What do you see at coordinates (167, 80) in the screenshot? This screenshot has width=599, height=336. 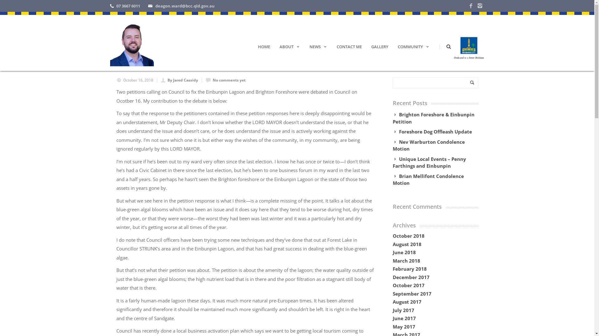 I see `'By Jared Cassidy'` at bounding box center [167, 80].